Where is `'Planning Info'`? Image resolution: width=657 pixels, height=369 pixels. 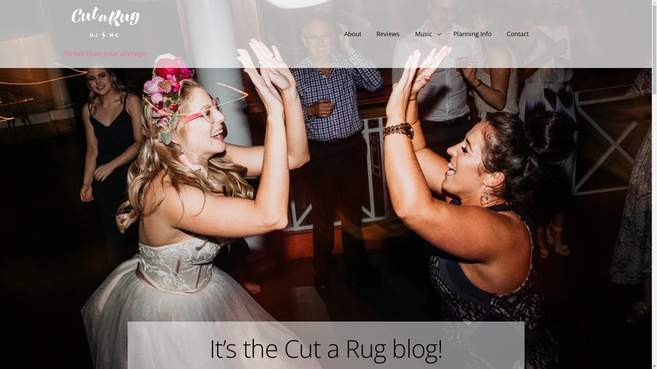 'Planning Info' is located at coordinates (472, 34).